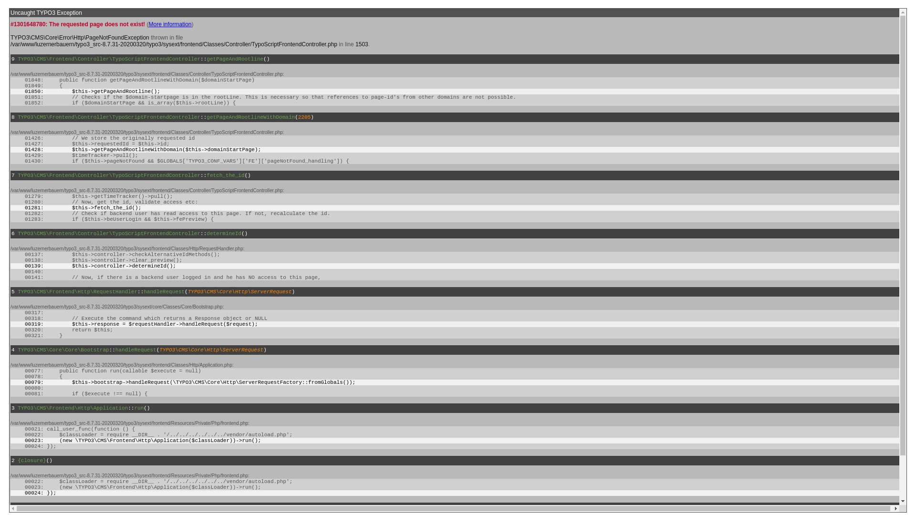  What do you see at coordinates (169, 23) in the screenshot?
I see `'More information'` at bounding box center [169, 23].